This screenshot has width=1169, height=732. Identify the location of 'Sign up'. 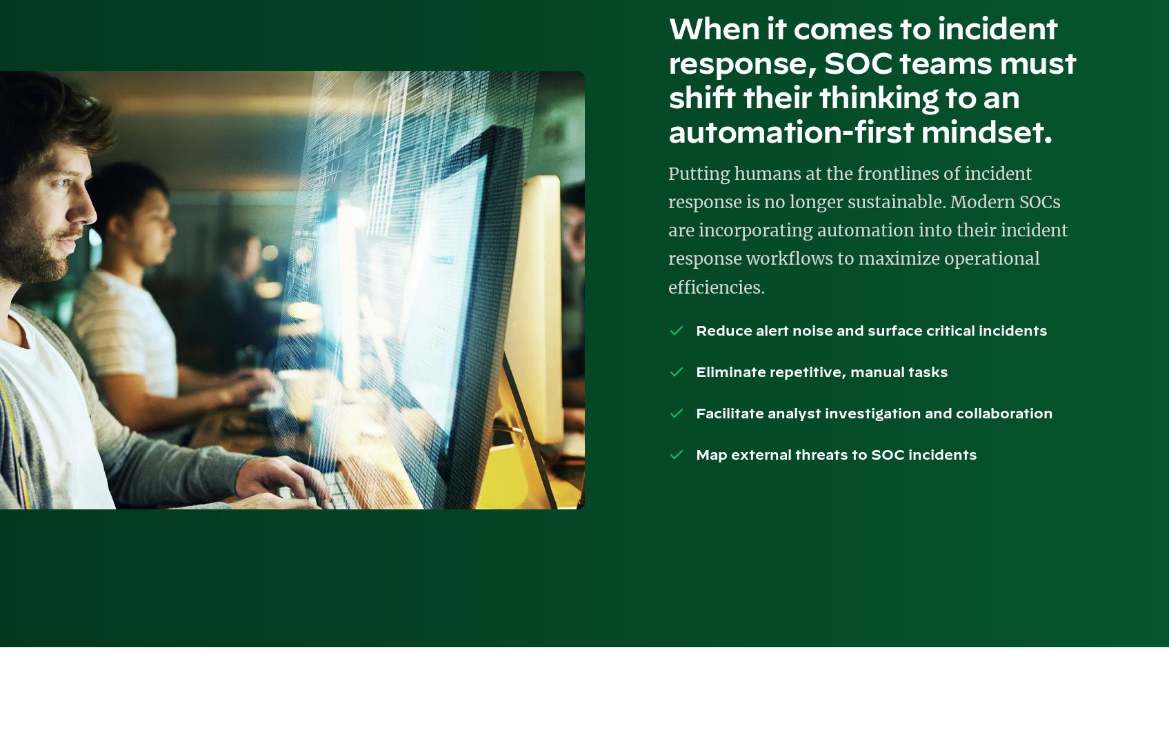
(832, 271).